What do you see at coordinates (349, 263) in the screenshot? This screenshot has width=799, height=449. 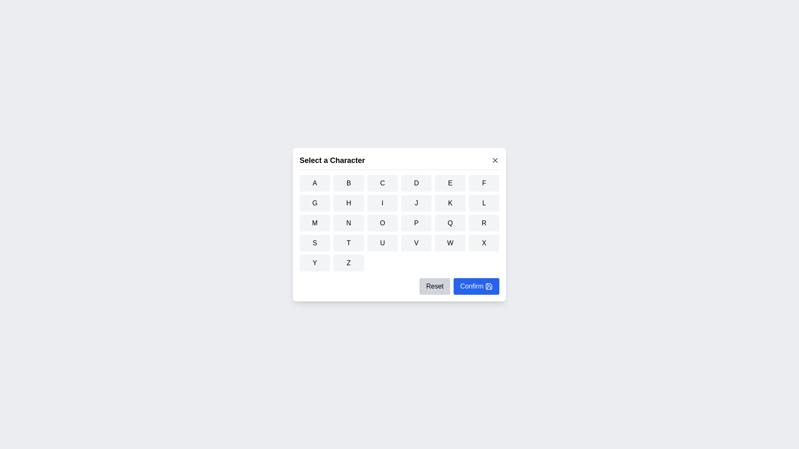 I see `the button corresponding to the character Z to select it` at bounding box center [349, 263].